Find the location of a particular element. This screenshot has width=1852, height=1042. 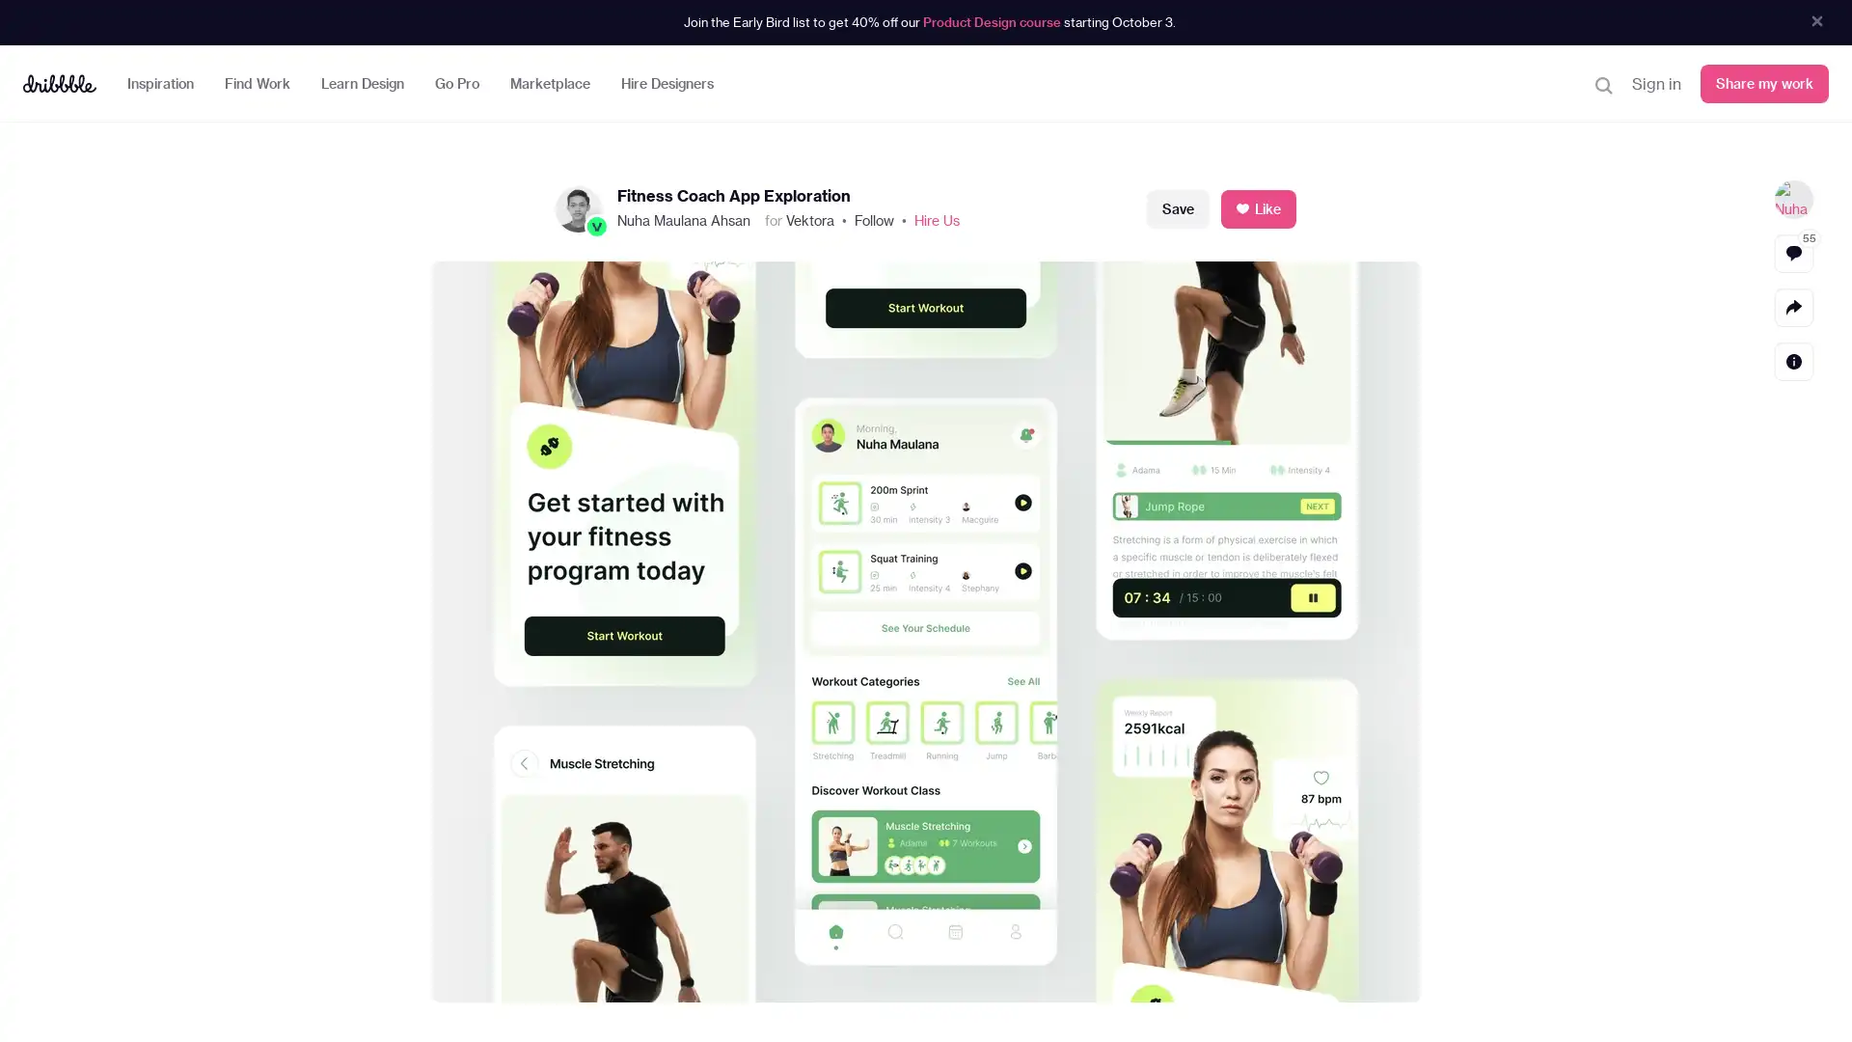

View comments 55 is located at coordinates (1793, 252).